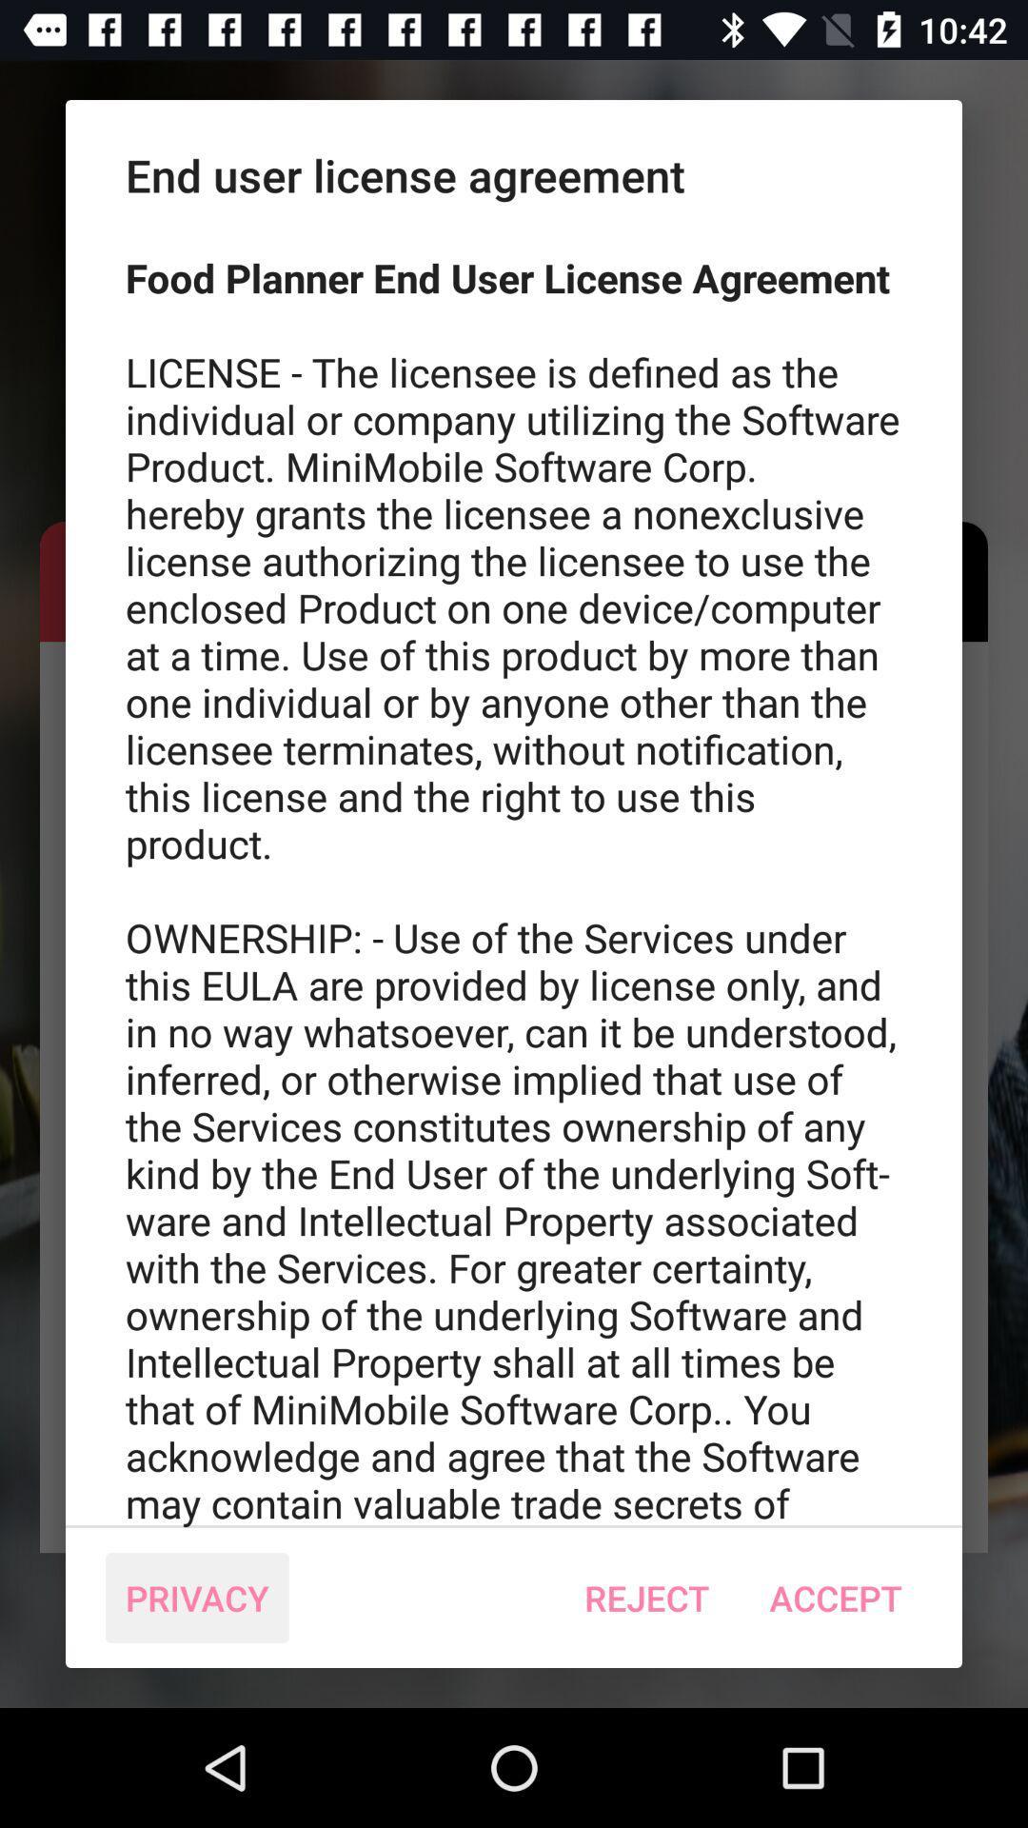  I want to click on the icon next to the accept icon, so click(645, 1598).